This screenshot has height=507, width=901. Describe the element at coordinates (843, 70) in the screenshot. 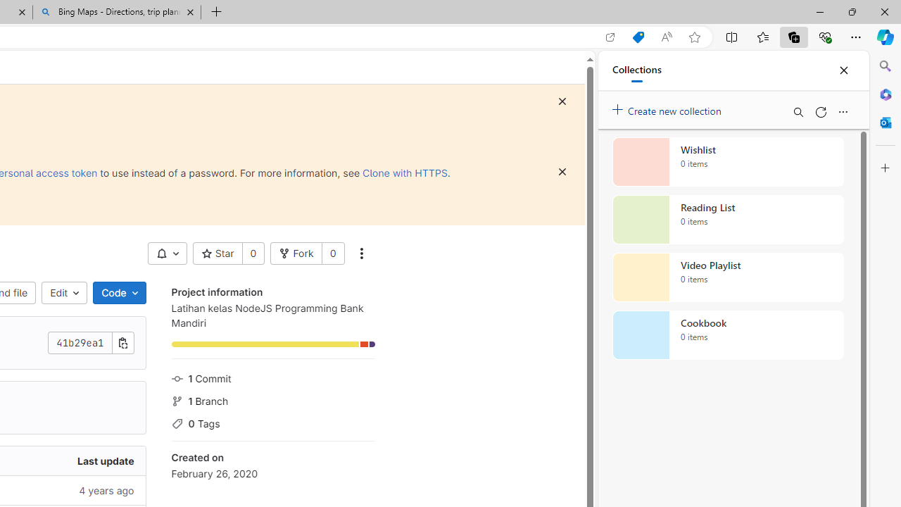

I see `'Close'` at that location.